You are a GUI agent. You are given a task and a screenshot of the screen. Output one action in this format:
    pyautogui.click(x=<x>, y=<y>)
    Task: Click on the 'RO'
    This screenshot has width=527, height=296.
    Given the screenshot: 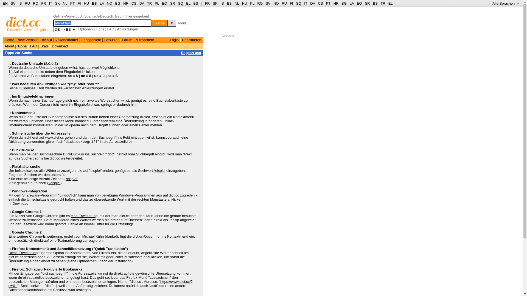 What is the action you would take?
    pyautogui.click(x=35, y=3)
    